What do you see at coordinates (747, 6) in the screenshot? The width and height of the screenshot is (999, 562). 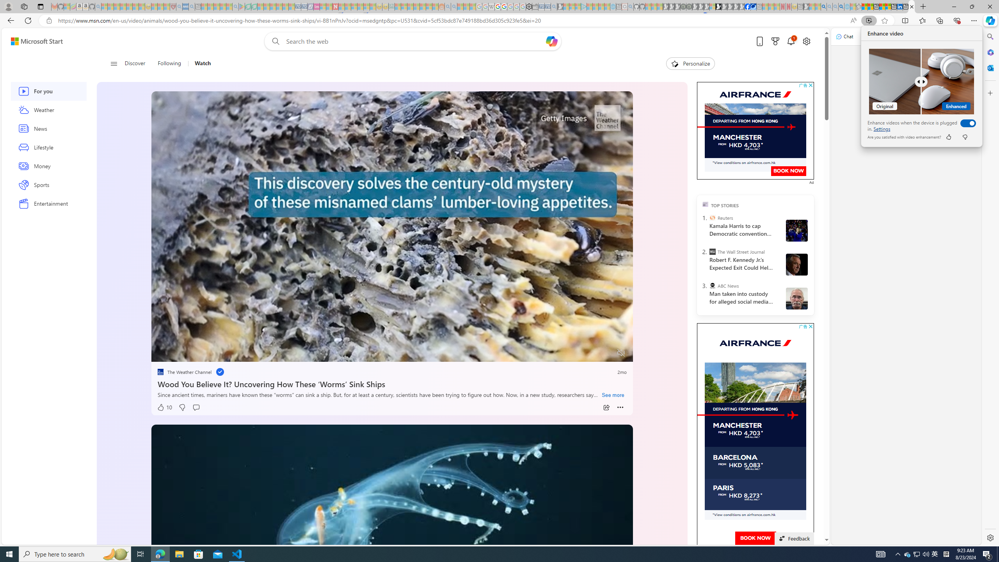 I see `'Nordace | Facebook'` at bounding box center [747, 6].